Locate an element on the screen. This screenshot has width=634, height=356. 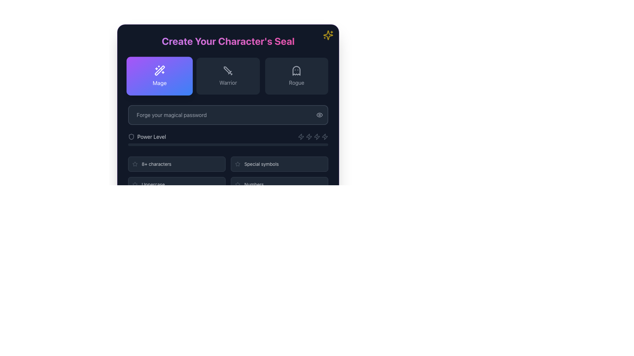
the Password input field located centrally under the 'Create Your Character's Seal' section to check for visual feedback is located at coordinates (228, 114).